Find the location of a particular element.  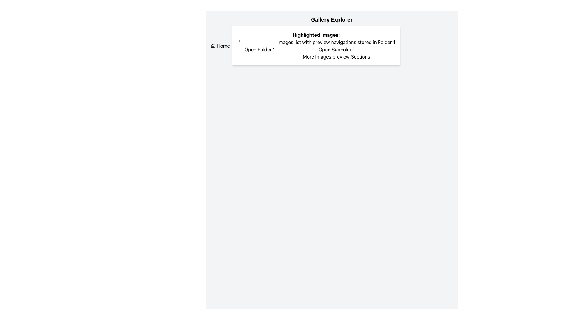

the button that opens or accesses 'Folder 1' is located at coordinates (260, 49).